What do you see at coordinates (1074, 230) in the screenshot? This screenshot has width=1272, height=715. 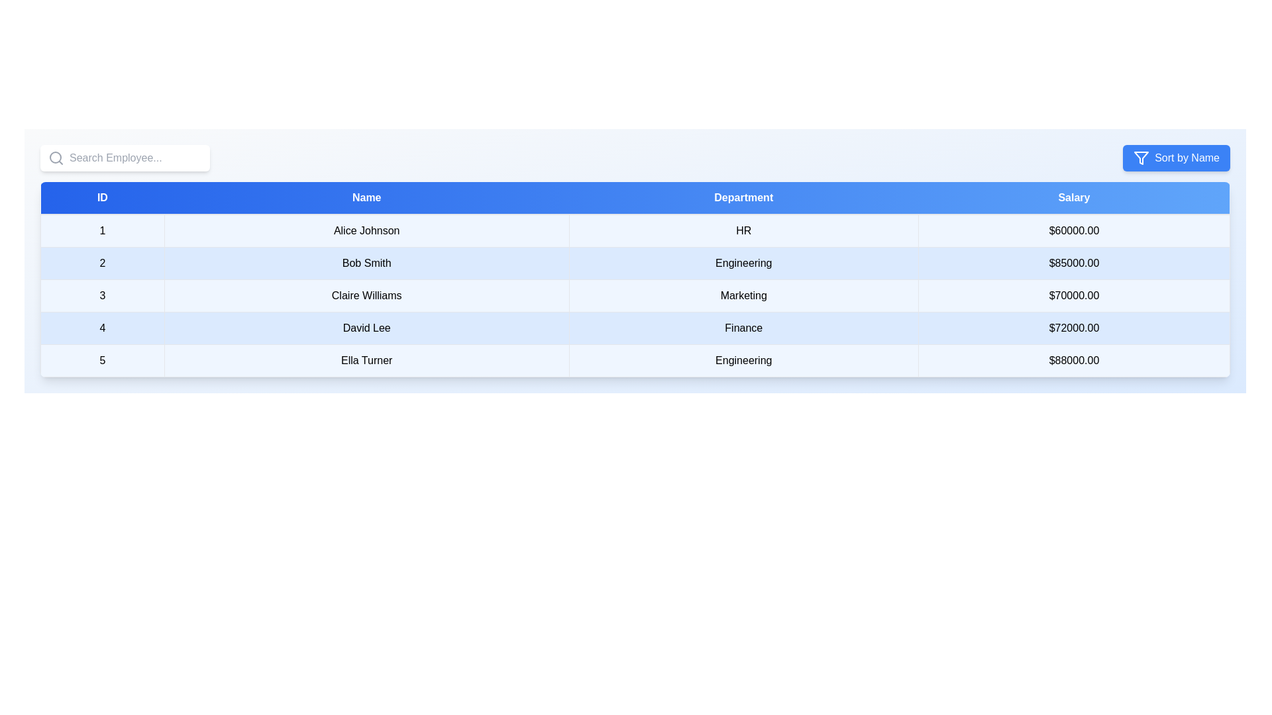 I see `the static text element displaying the salary of Alice Johnson, located in the Salary column of the first row of the table` at bounding box center [1074, 230].